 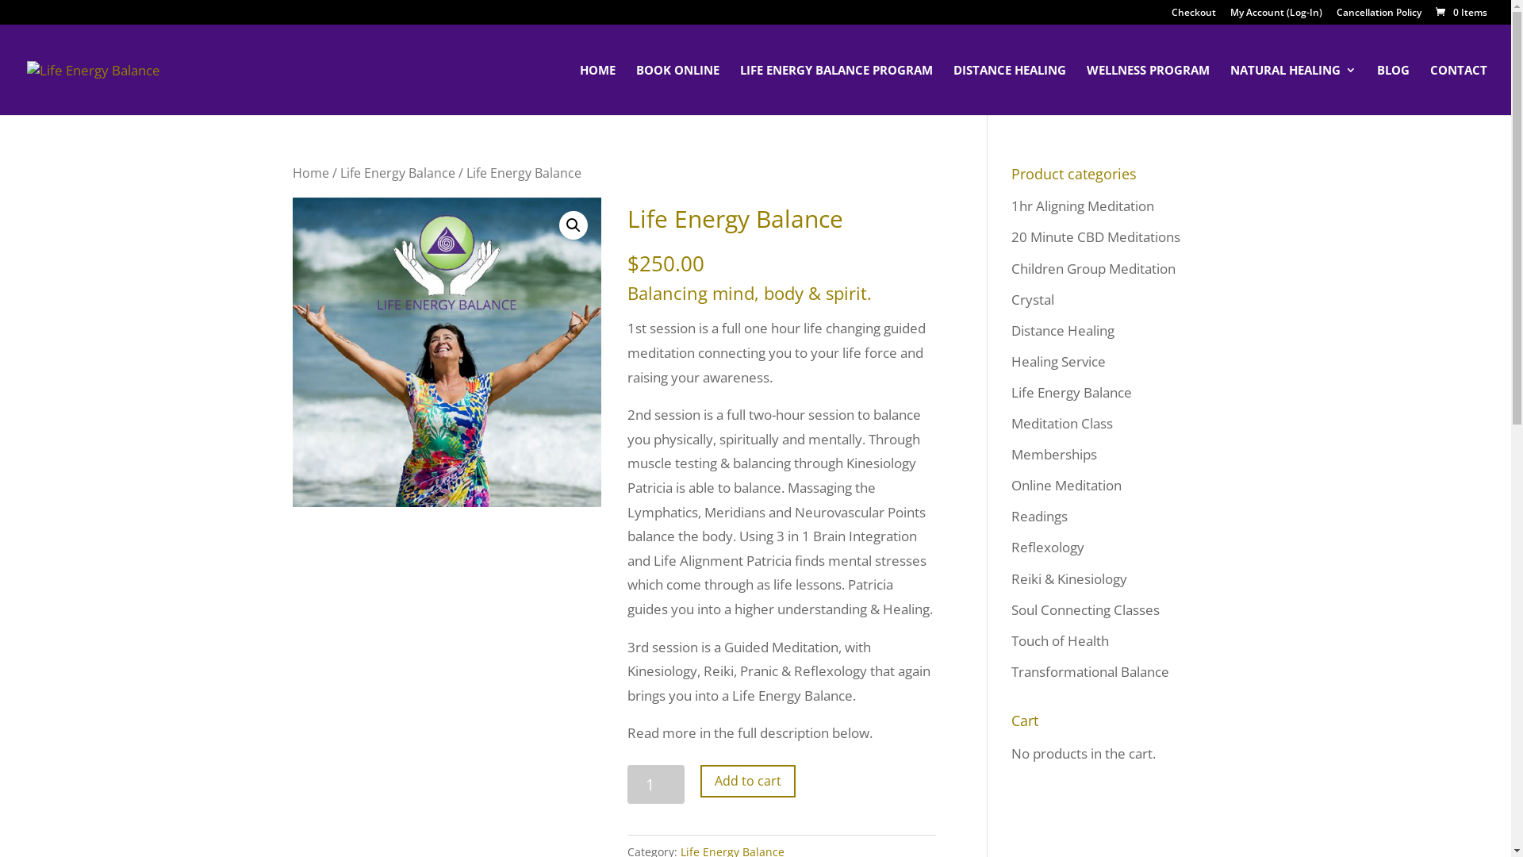 What do you see at coordinates (1059, 640) in the screenshot?
I see `'Touch of Health'` at bounding box center [1059, 640].